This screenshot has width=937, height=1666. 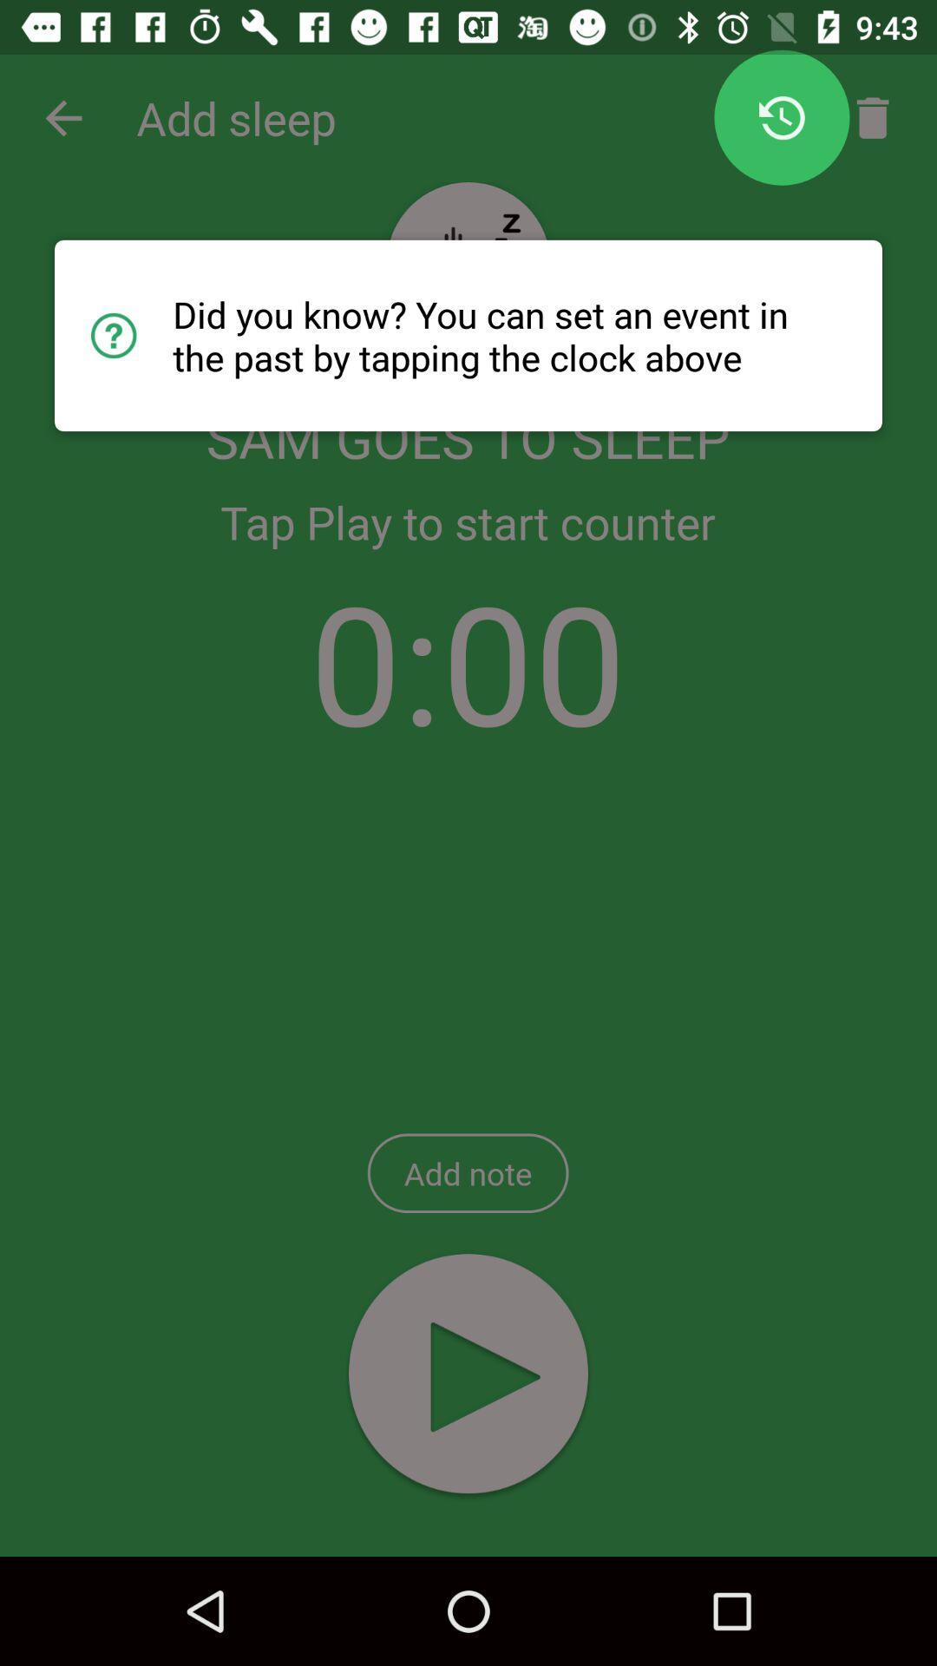 I want to click on the icon above add note item, so click(x=467, y=660).